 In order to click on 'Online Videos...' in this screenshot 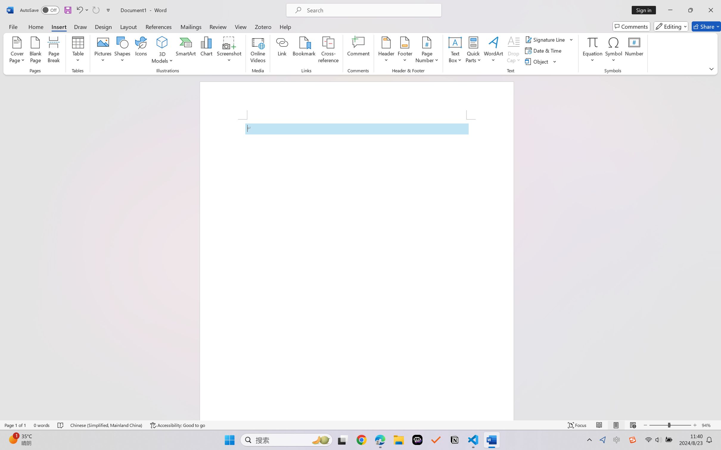, I will do `click(258, 51)`.